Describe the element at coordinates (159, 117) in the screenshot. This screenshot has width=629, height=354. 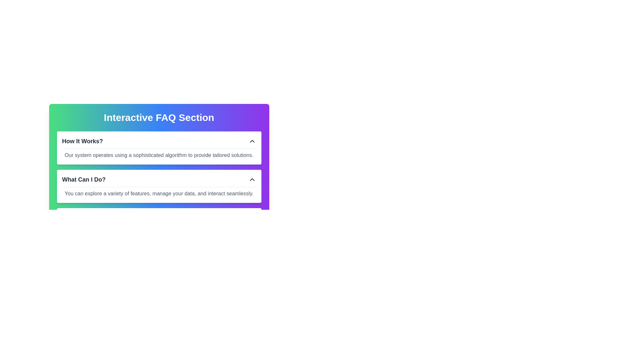
I see `the text label that serves as the title for the interactive FAQ area to trigger tooltips or style changes` at that location.